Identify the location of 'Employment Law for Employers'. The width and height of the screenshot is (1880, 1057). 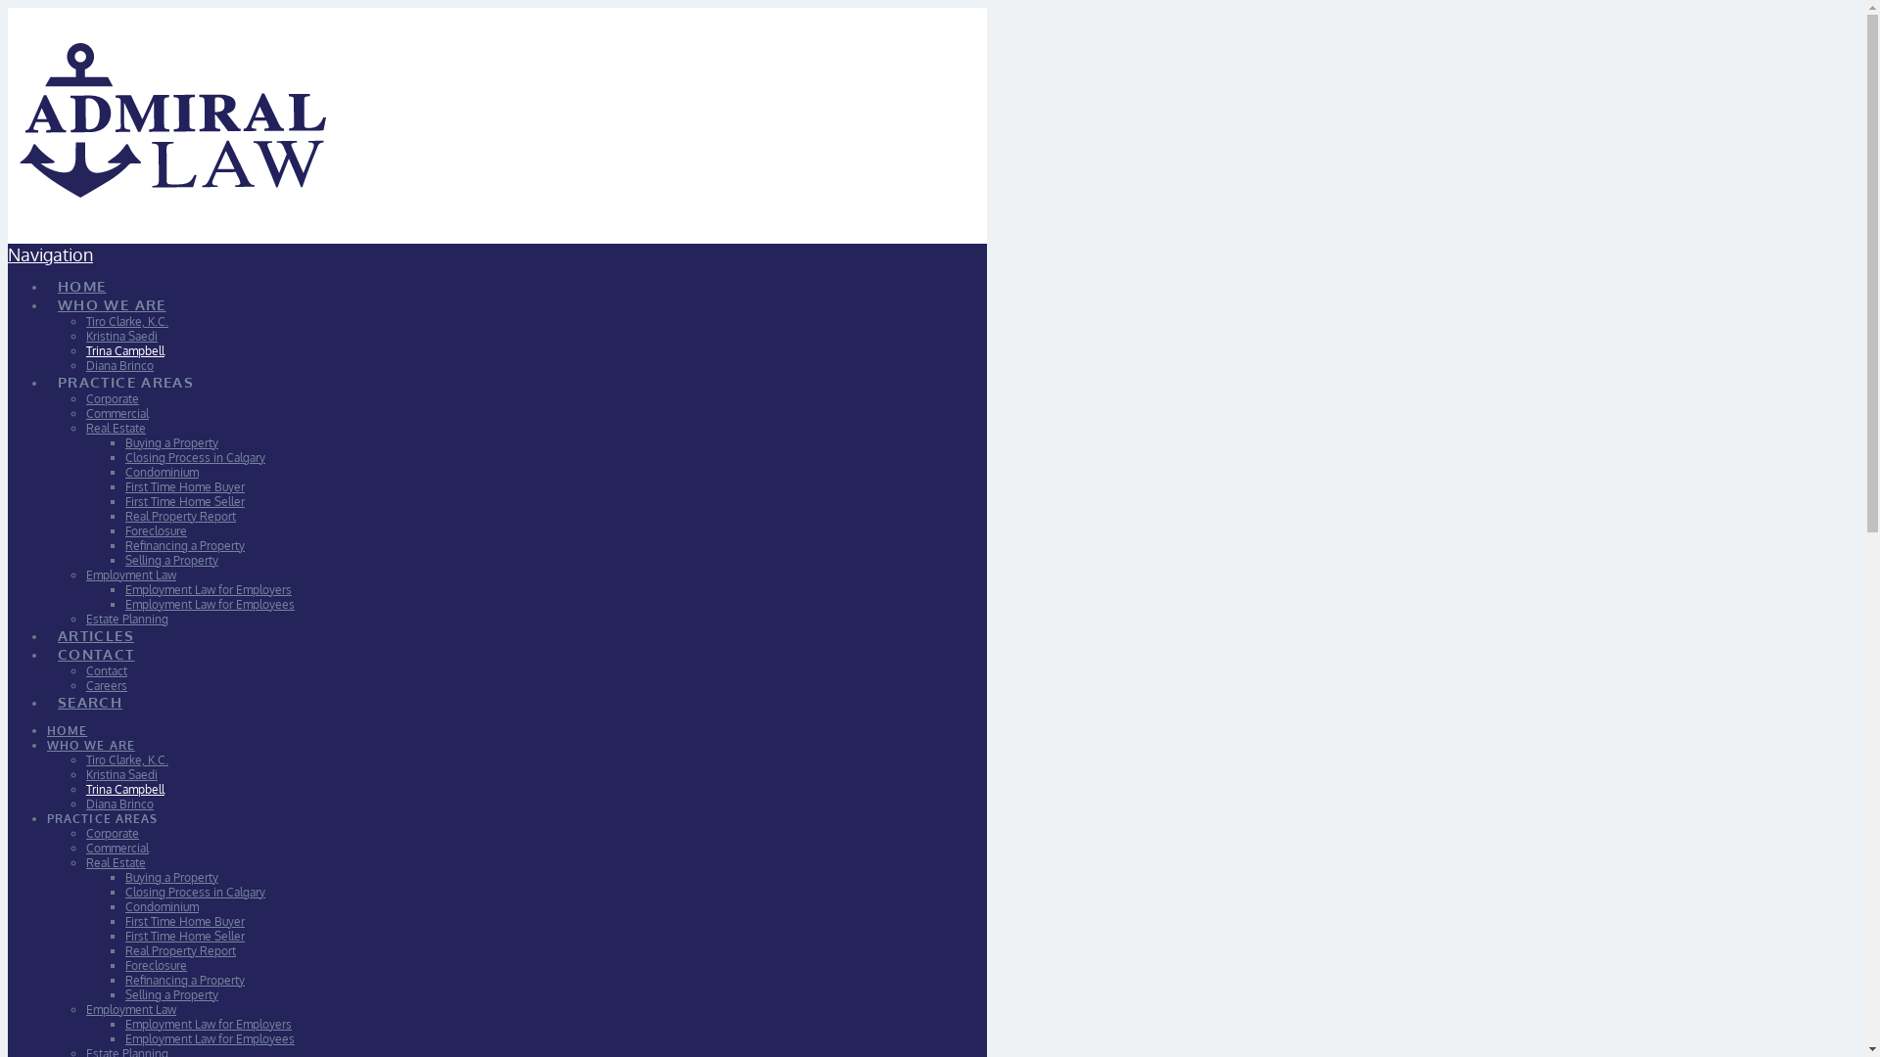
(208, 1023).